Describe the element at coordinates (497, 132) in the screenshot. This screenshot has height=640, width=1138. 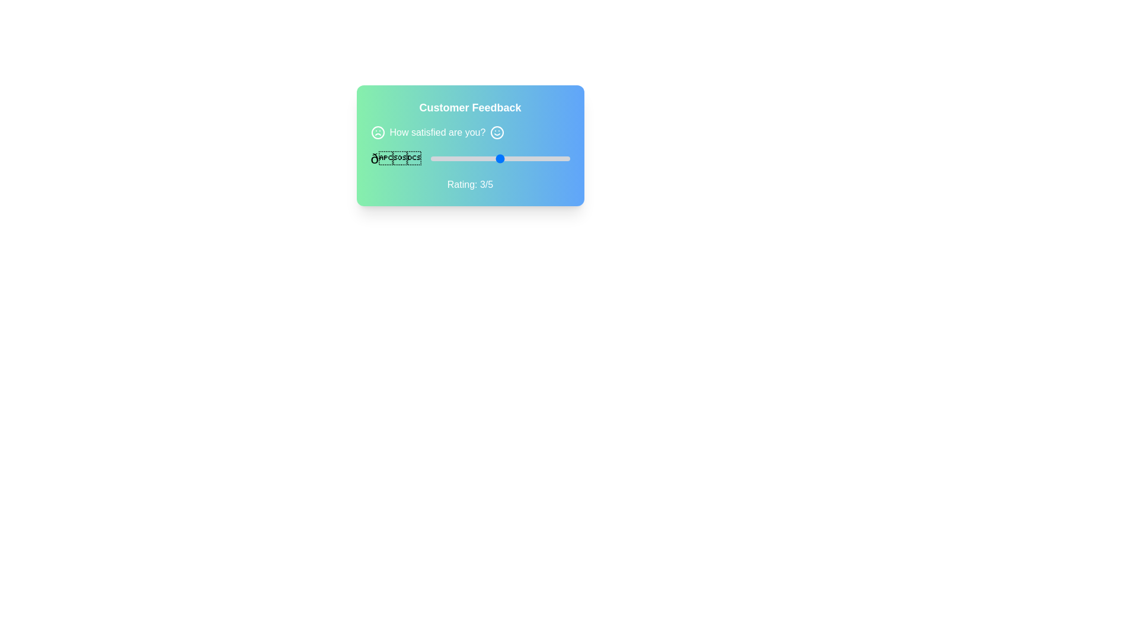
I see `the satisfied sentiment icon located next to the text 'How satisfied are you?' in the feedback section` at that location.